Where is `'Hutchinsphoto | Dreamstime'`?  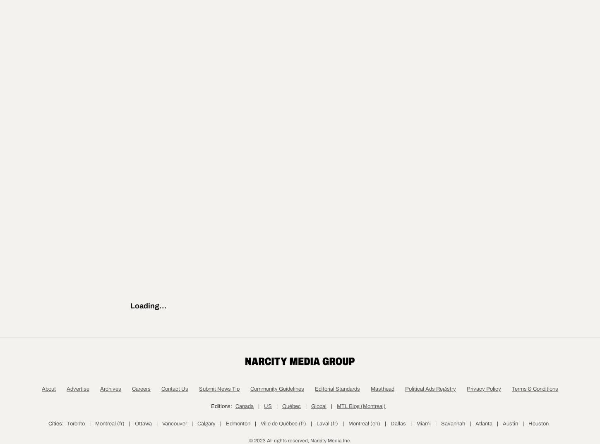
'Hutchinsphoto | Dreamstime' is located at coordinates (179, 192).